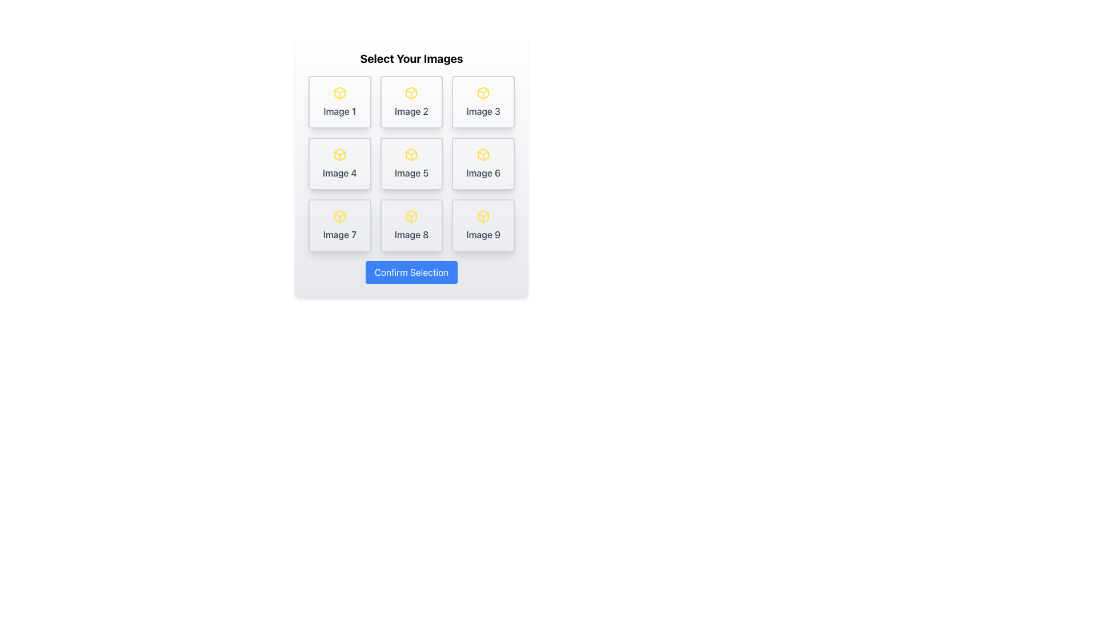  I want to click on label located in the second cell of the first row of a 3x3 grid layout, positioned below a yellow box icon, which helps identify the corresponding image selection option, so click(411, 111).